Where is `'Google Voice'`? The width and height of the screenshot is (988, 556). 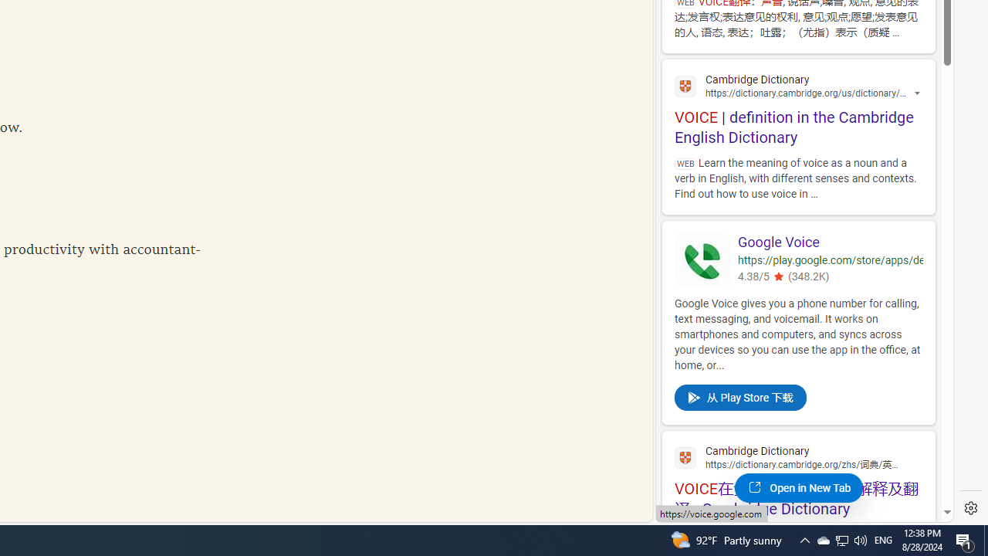 'Google Voice' is located at coordinates (829, 243).